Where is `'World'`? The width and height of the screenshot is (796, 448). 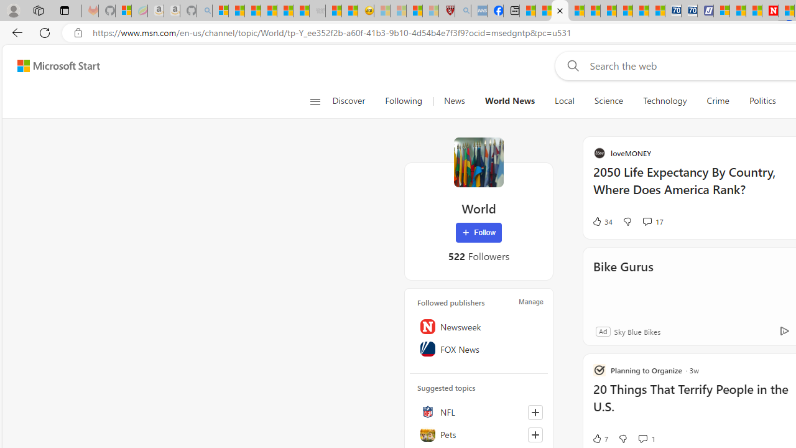 'World' is located at coordinates (478, 162).